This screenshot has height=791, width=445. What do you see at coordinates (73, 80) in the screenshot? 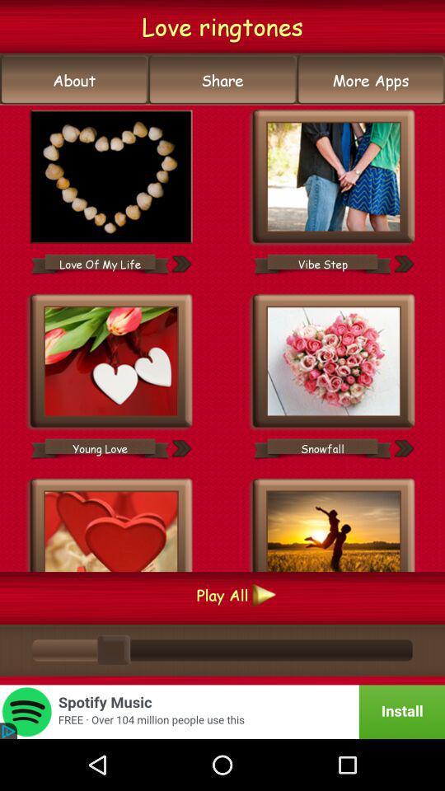
I see `the icon below the love ringtones item` at bounding box center [73, 80].